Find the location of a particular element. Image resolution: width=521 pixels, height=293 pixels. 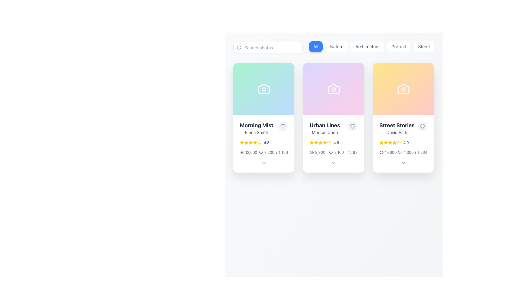

the like button located in the top-right corner of the 'Morning Mist' card is located at coordinates (282, 126).